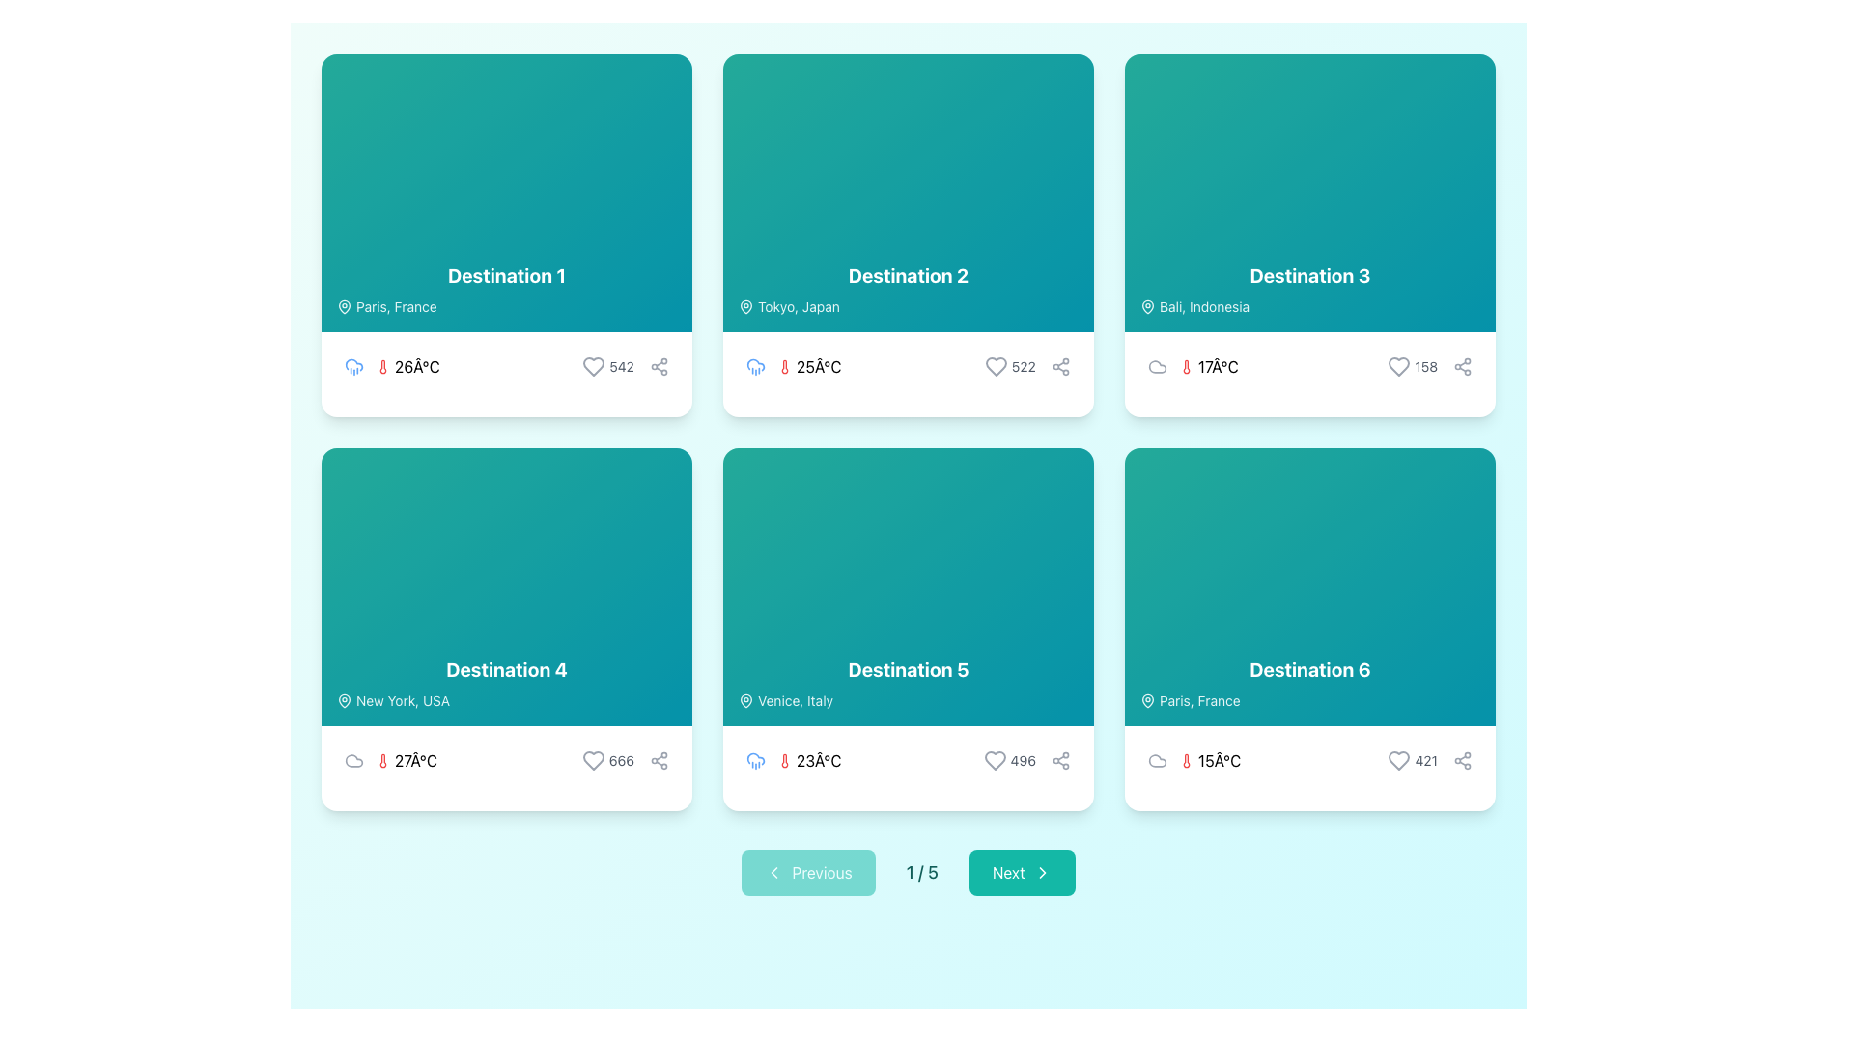 The height and width of the screenshot is (1043, 1854). Describe the element at coordinates (754, 367) in the screenshot. I see `the weather condition icon that indicates rain, located at the bottom of the 'Tokyo, Japan' card, preceding the thermometer icon and the text '25°C'` at that location.